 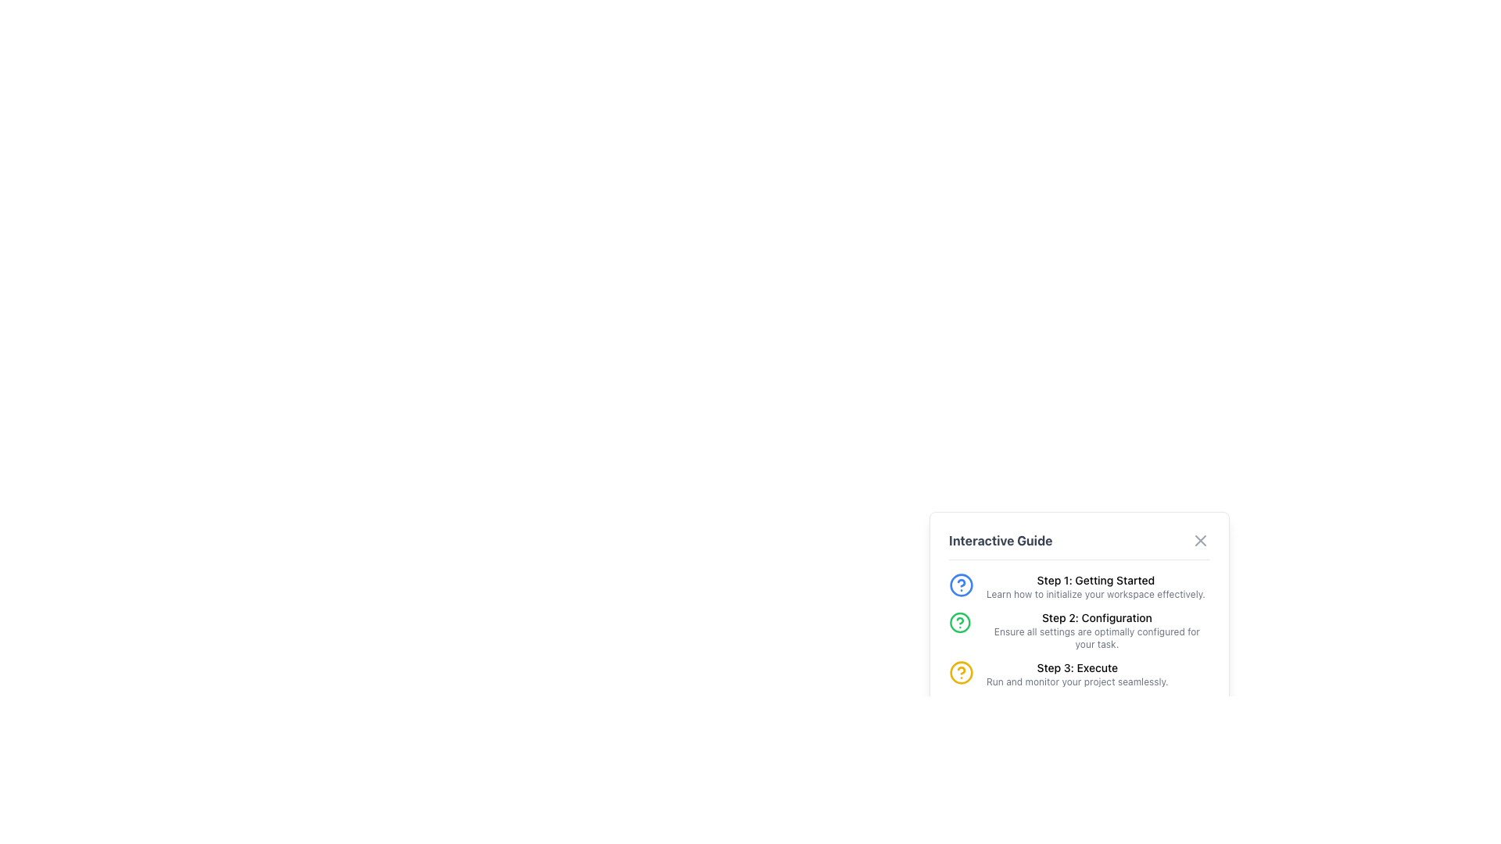 What do you see at coordinates (1076, 674) in the screenshot?
I see `the text content element that displays 'Step 3: Execute' and 'Run and monitor your project seamlessly.' in the Interactive Guide panel, located at the bottom of the vertical list of steps` at bounding box center [1076, 674].